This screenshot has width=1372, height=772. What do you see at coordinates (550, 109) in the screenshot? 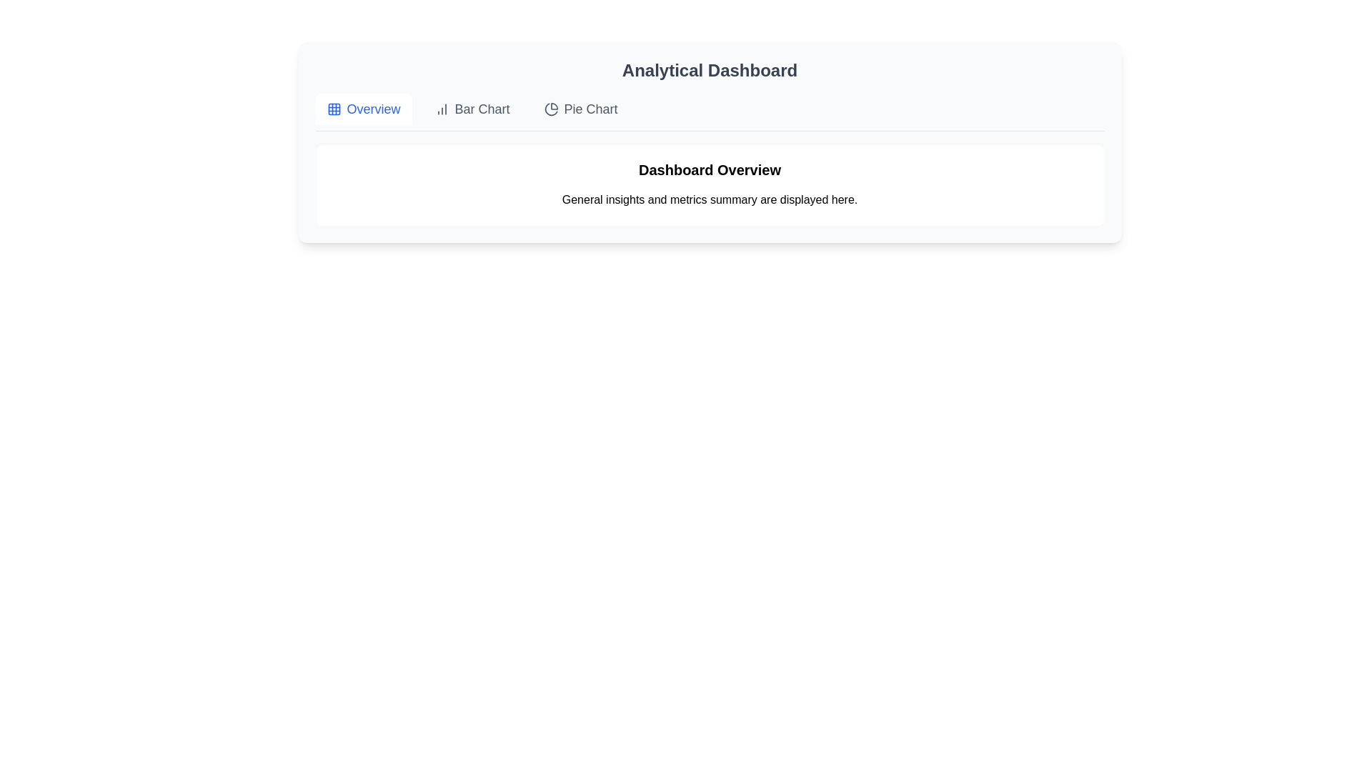
I see `the pie chart icon in the navigation bar, which is styled with a dark gray stroke and is located between the 'Bar Chart' tab and the 'Pie Chart' label` at bounding box center [550, 109].